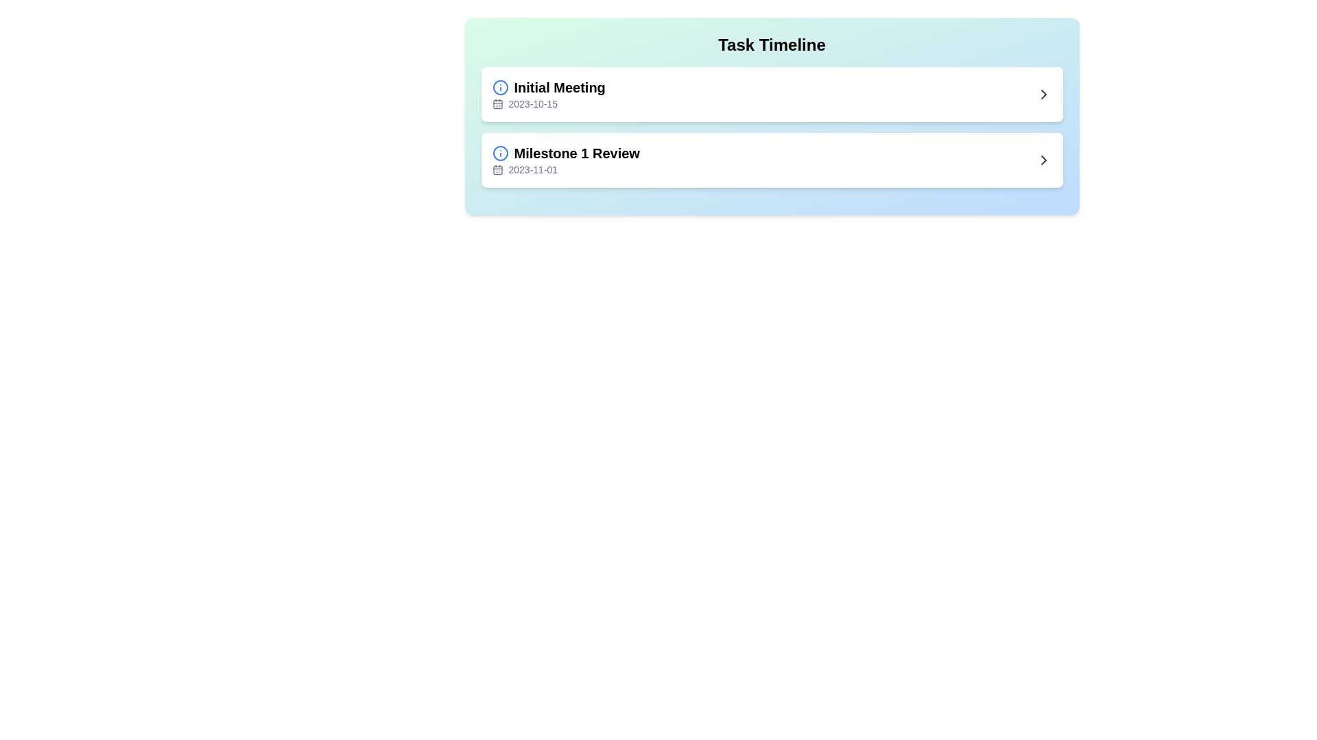  What do you see at coordinates (497, 169) in the screenshot?
I see `the calendar icon located next to the 'Milestone 1 Review' label and the date '2023-11-01'` at bounding box center [497, 169].